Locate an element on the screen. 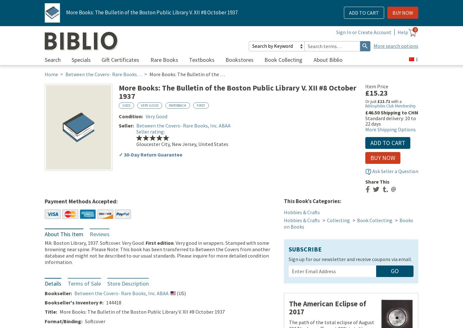 The image size is (463, 328). '(US)' is located at coordinates (180, 294).